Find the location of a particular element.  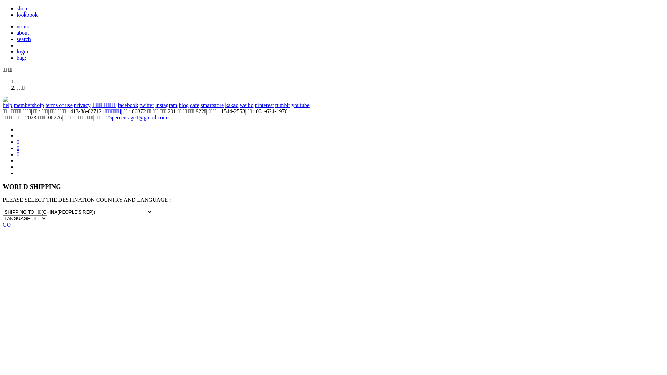

'GO' is located at coordinates (7, 225).